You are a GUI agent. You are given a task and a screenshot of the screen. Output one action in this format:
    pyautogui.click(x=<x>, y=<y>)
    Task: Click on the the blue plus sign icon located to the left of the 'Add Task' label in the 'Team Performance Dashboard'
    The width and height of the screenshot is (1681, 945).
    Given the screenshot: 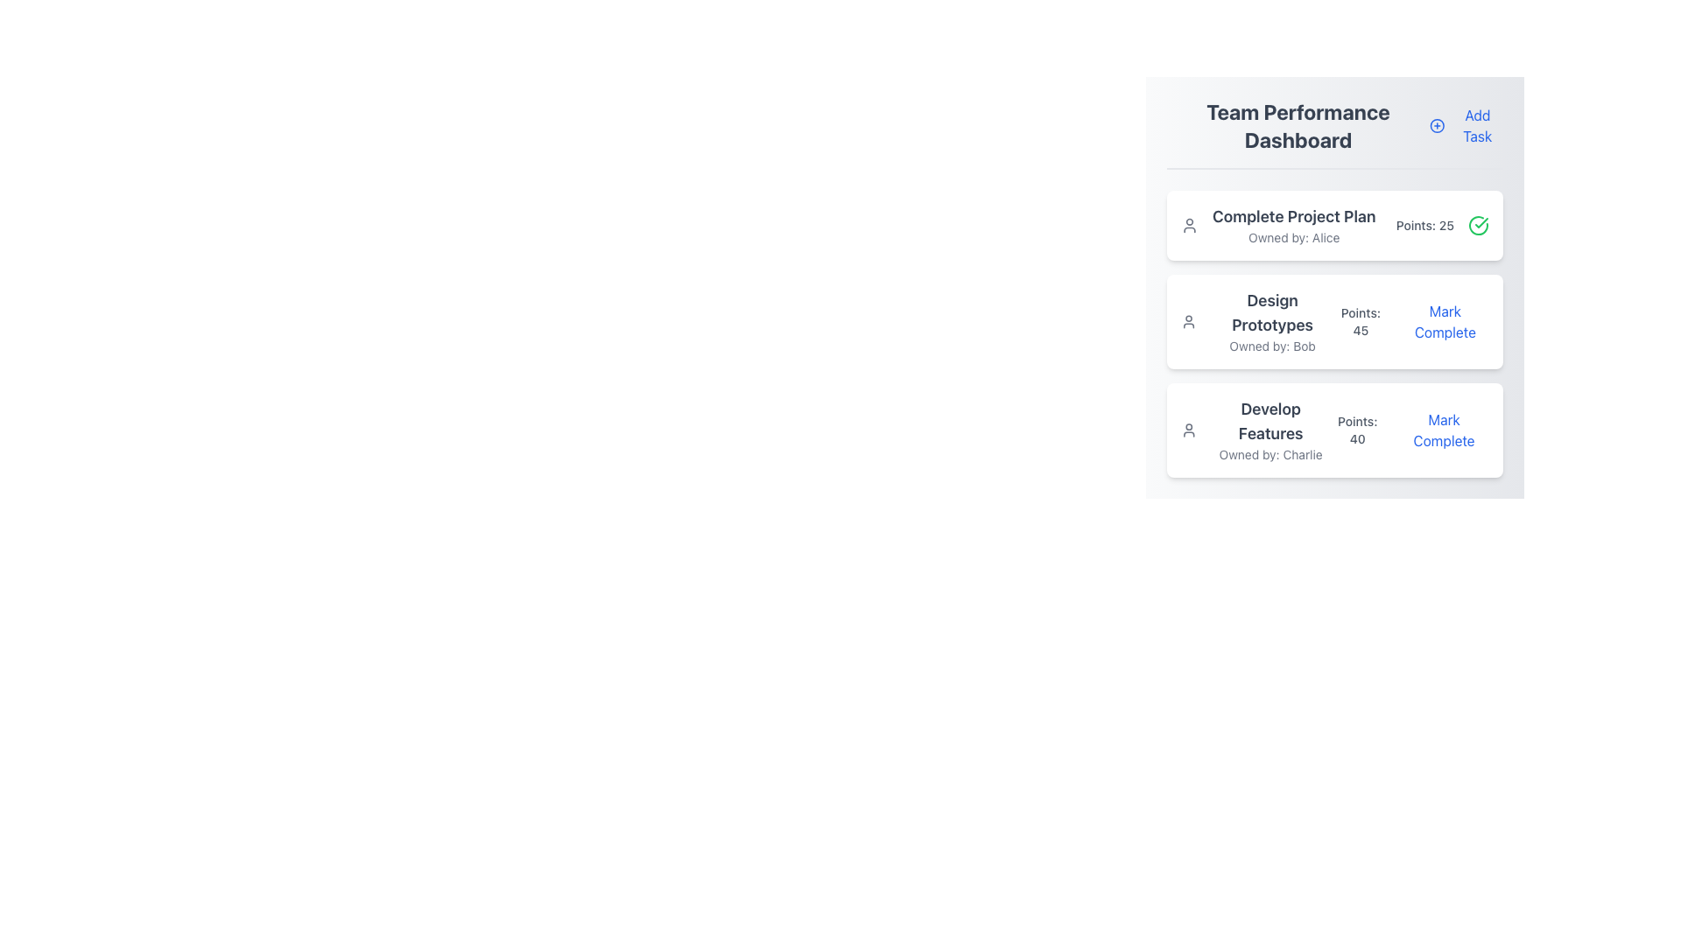 What is the action you would take?
    pyautogui.click(x=1437, y=124)
    